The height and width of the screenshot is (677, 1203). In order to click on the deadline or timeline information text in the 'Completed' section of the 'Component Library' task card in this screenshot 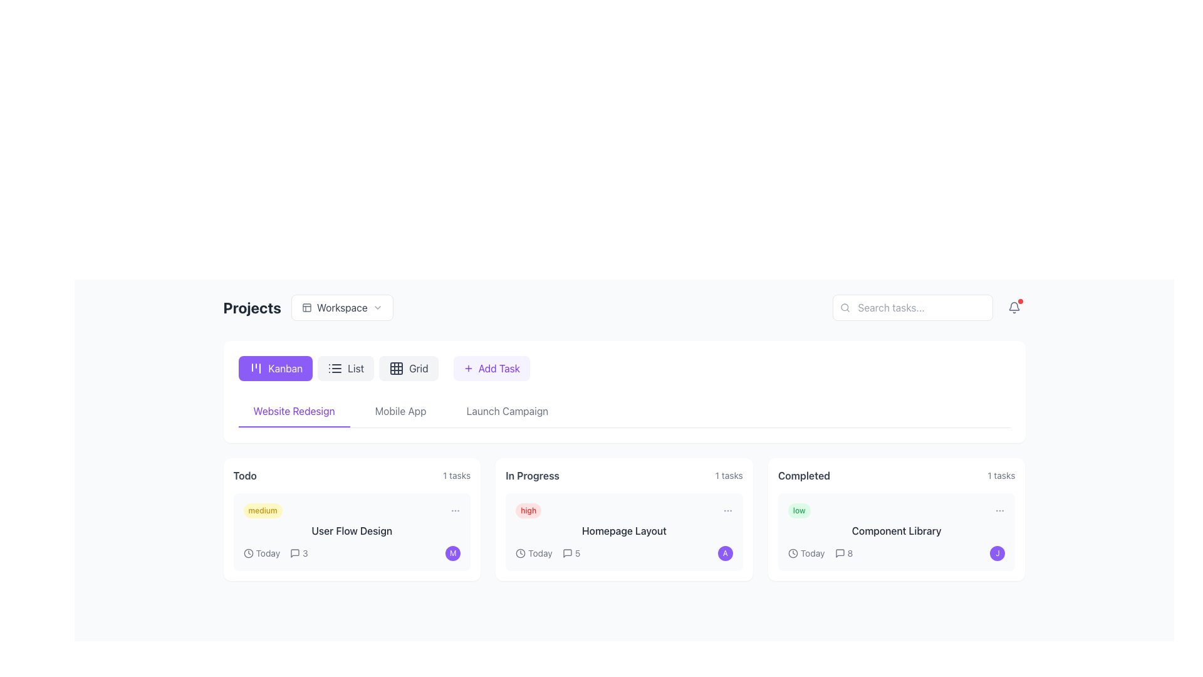, I will do `click(806, 553)`.